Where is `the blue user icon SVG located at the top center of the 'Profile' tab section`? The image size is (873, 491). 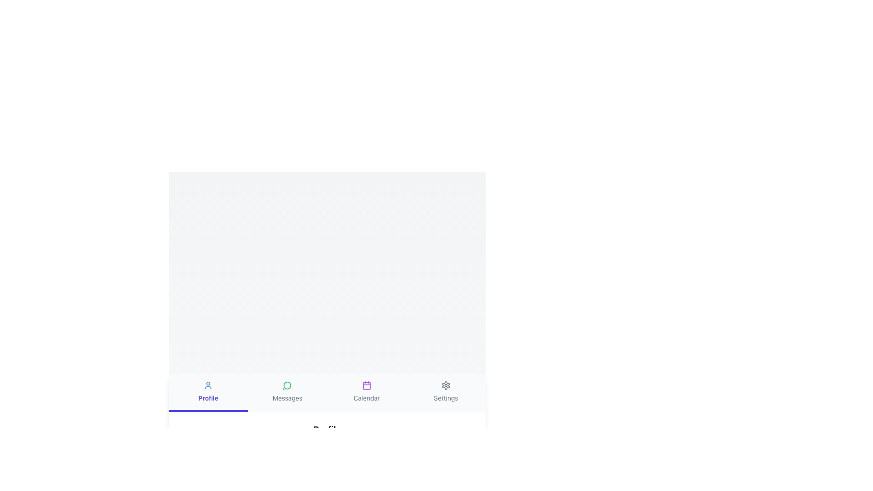
the blue user icon SVG located at the top center of the 'Profile' tab section is located at coordinates (208, 385).